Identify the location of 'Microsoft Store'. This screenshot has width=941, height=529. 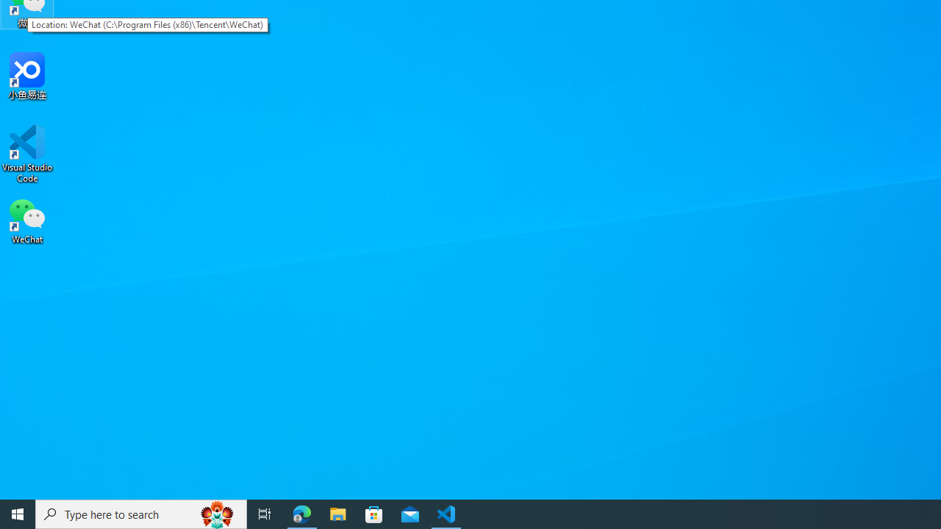
(374, 513).